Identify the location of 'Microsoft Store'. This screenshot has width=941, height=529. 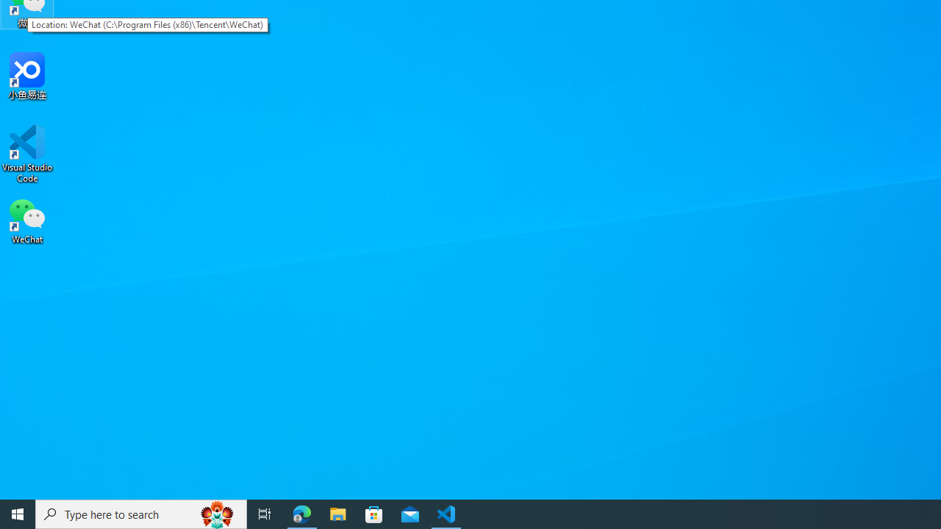
(374, 513).